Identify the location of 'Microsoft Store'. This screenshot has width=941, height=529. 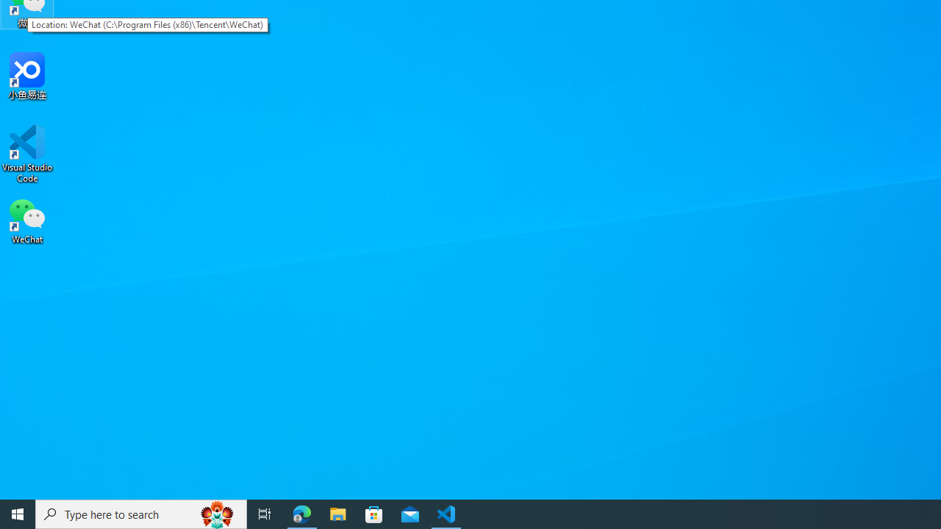
(374, 513).